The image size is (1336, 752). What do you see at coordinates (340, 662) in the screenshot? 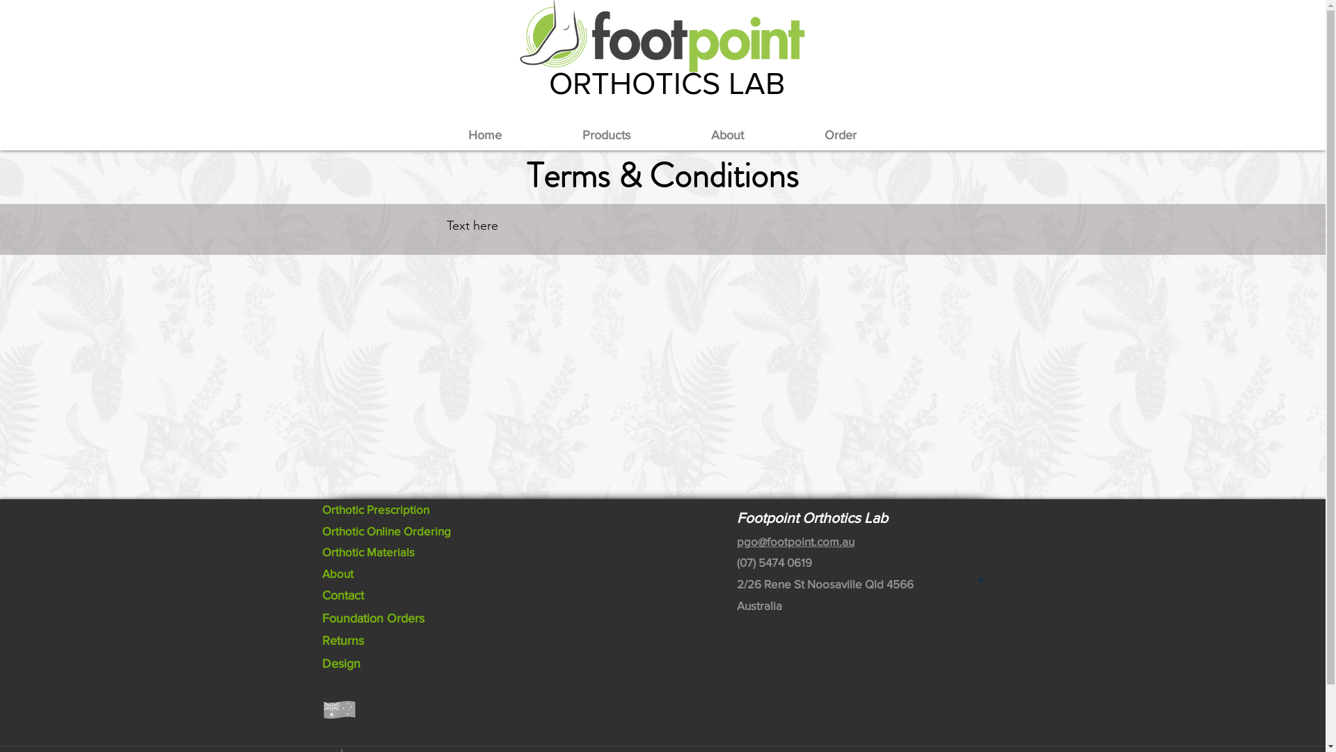
I see `'Design'` at bounding box center [340, 662].